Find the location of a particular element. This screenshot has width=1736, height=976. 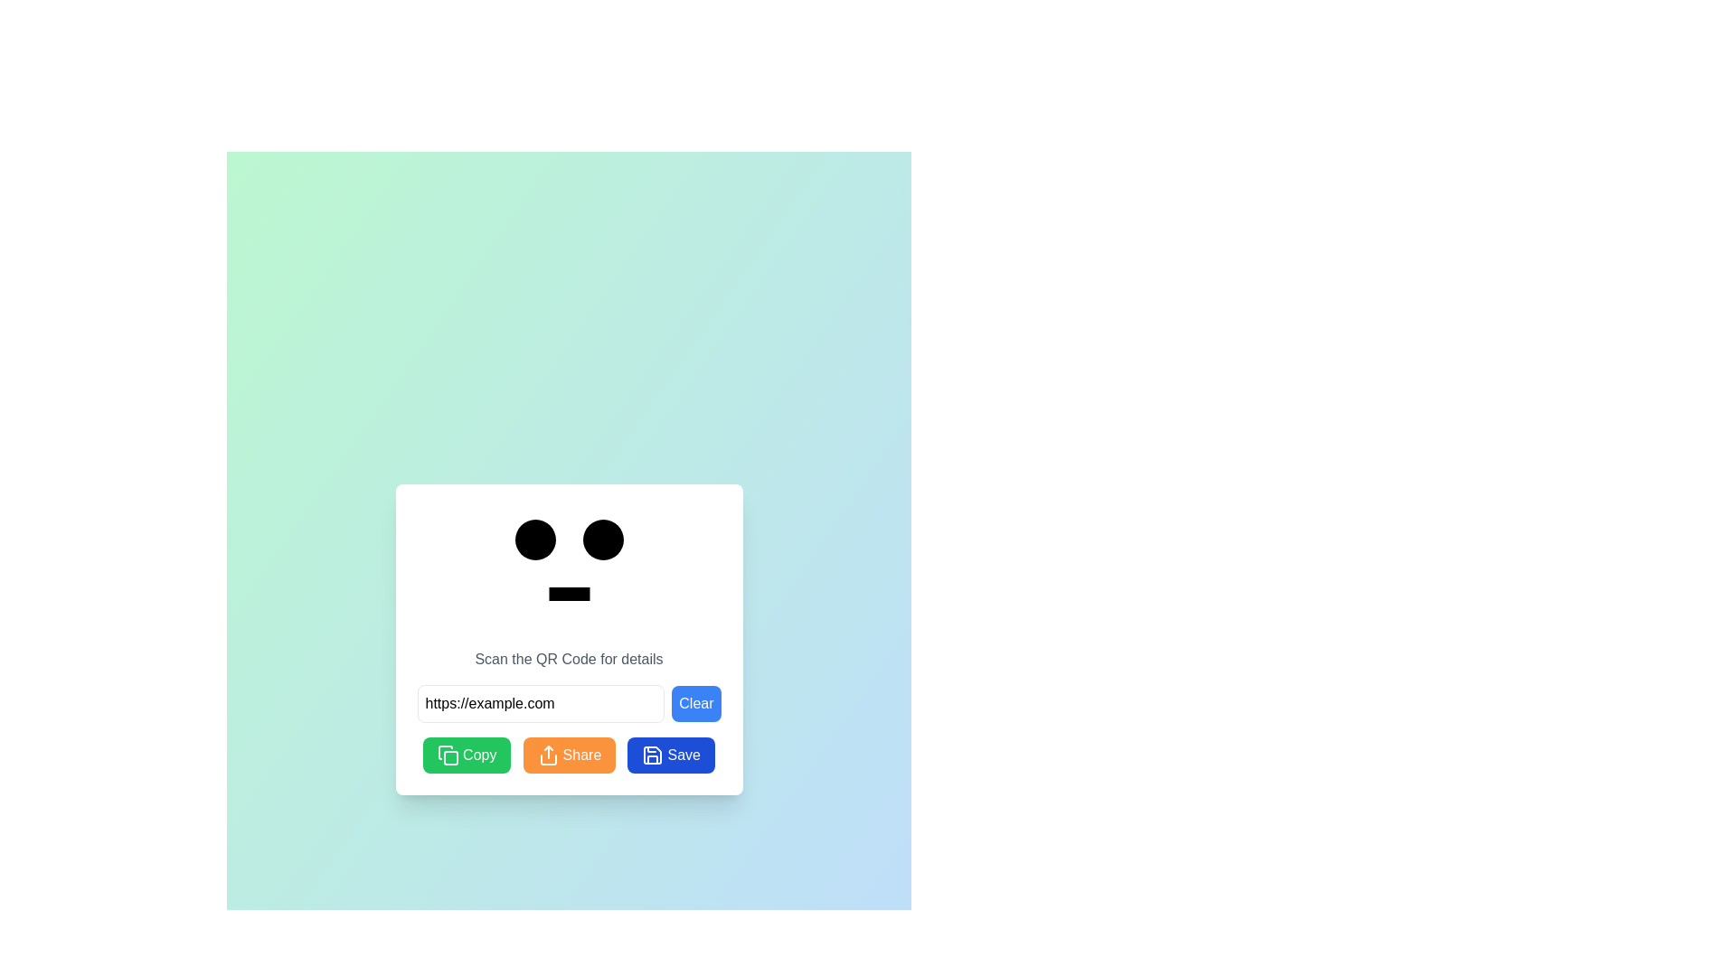

the decorative component within the 'Copy' icon, which is located to the left of the 'Share' and 'Save' buttons, and beneath the input field is located at coordinates (451, 758).